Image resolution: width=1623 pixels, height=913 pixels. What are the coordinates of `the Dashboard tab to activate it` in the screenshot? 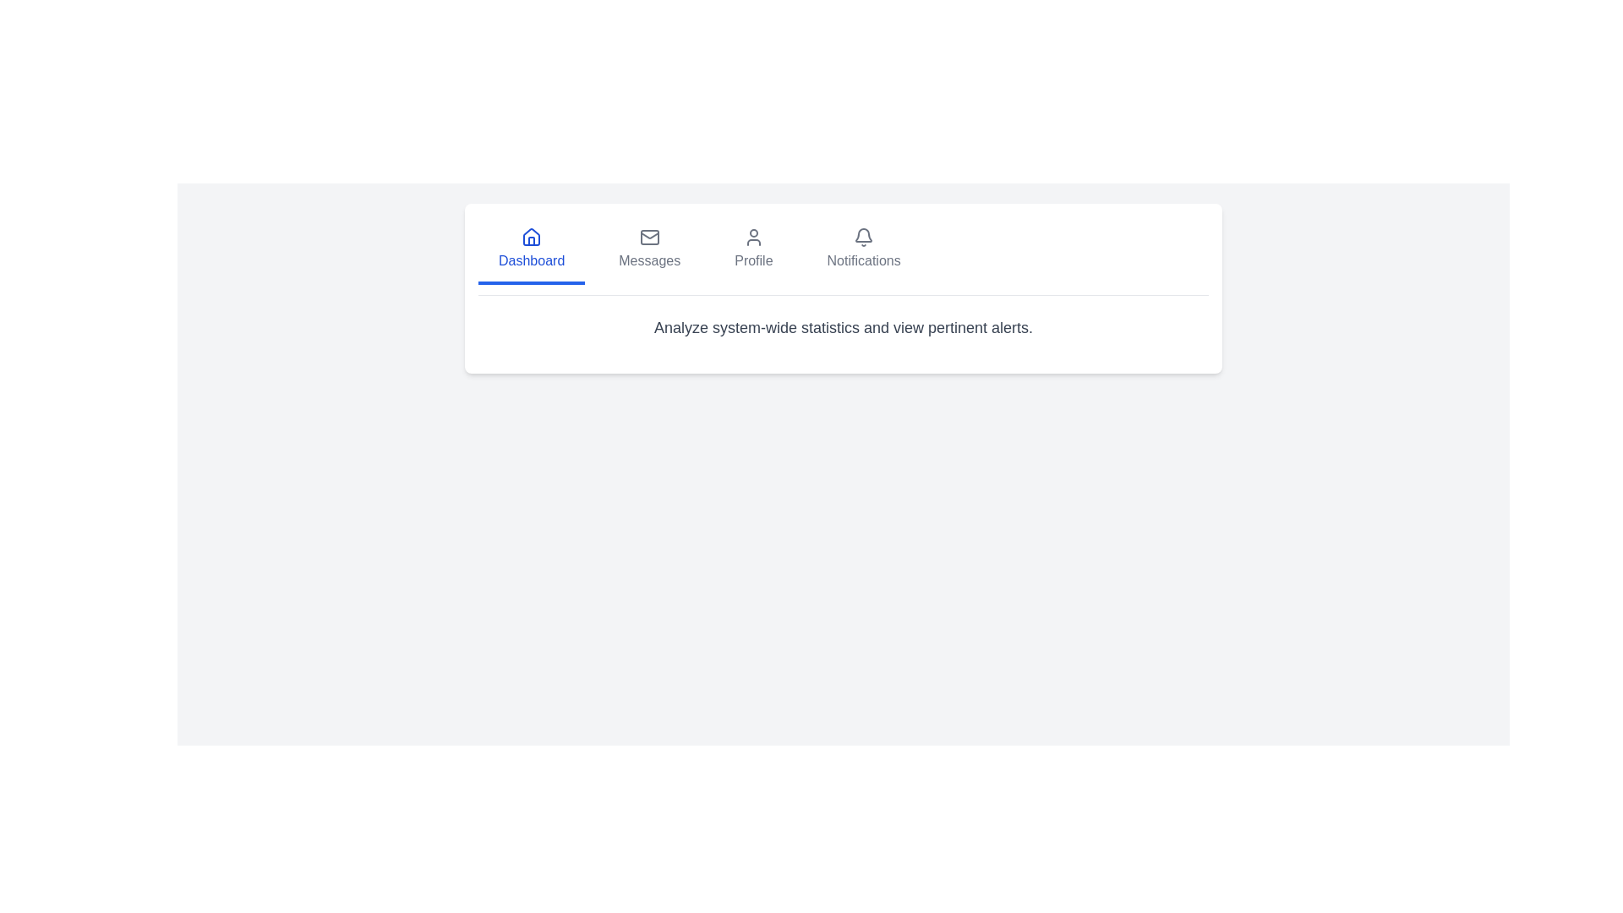 It's located at (531, 251).